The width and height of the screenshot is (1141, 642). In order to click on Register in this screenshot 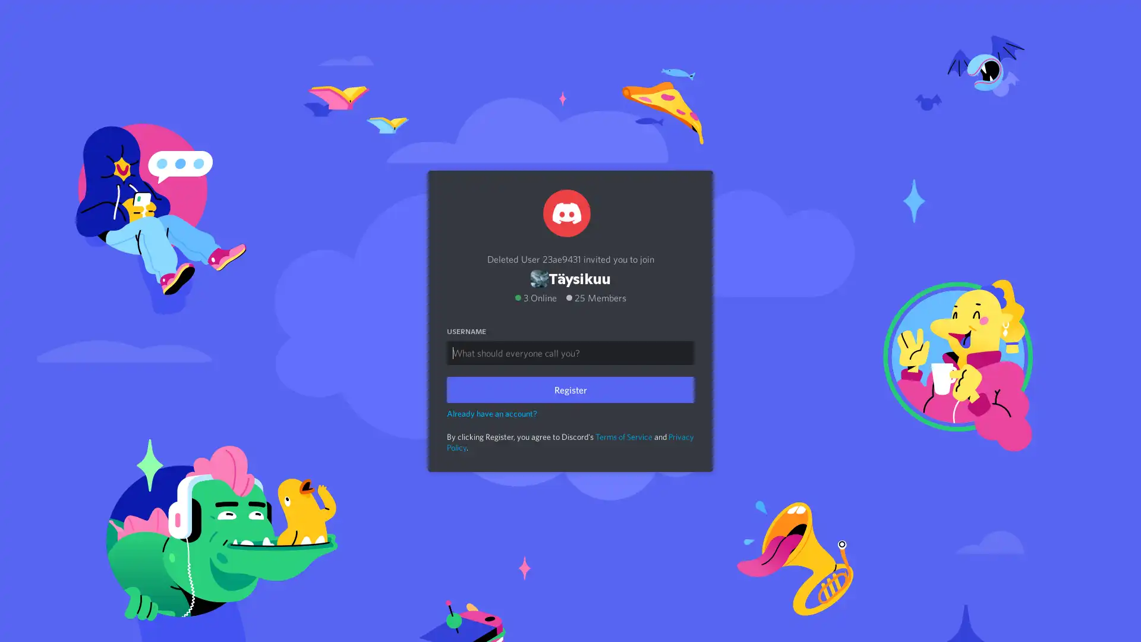, I will do `click(570, 389)`.